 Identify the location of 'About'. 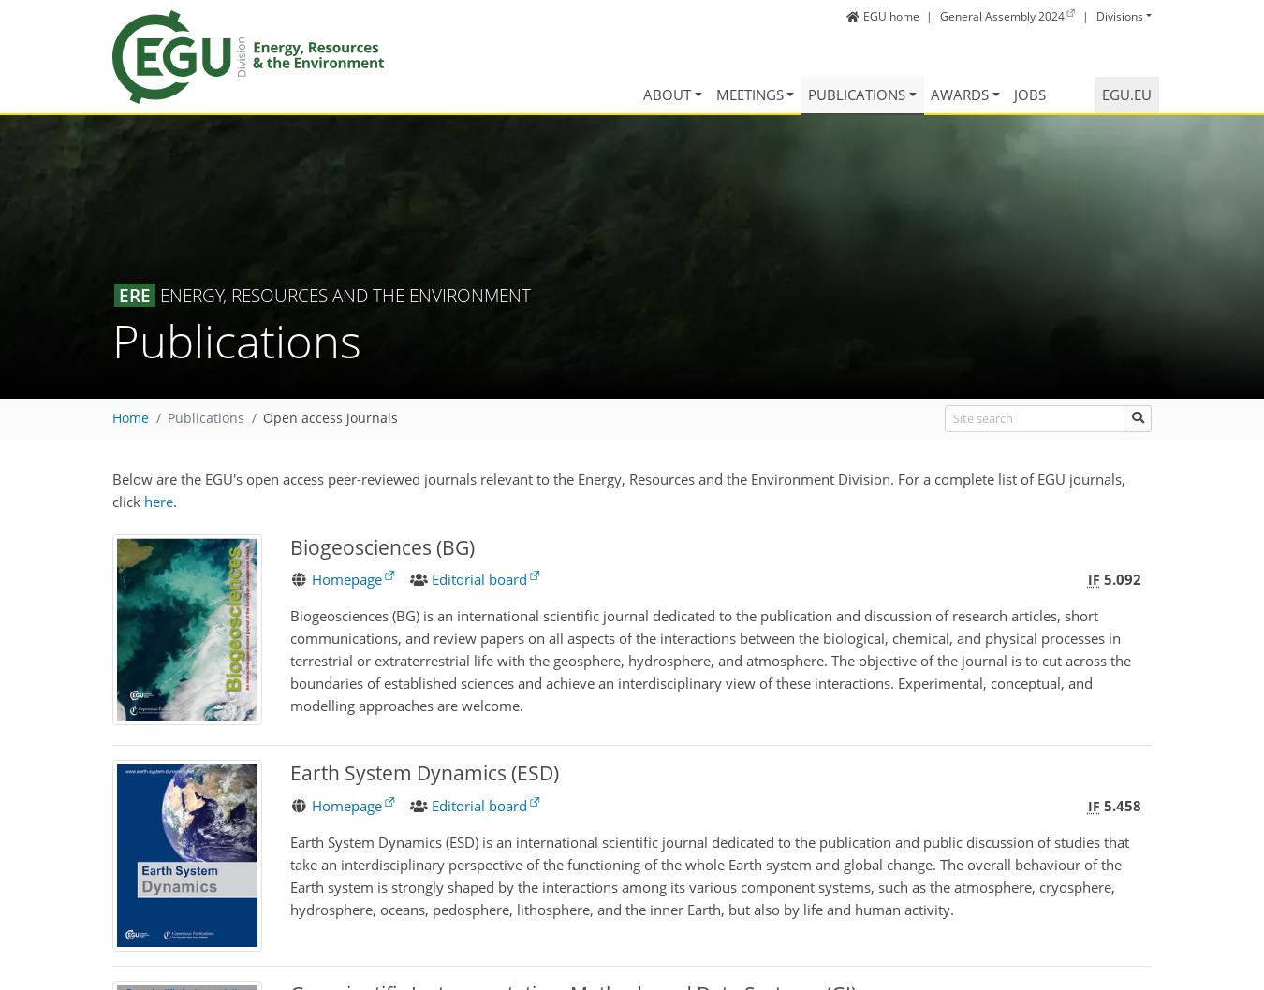
(640, 94).